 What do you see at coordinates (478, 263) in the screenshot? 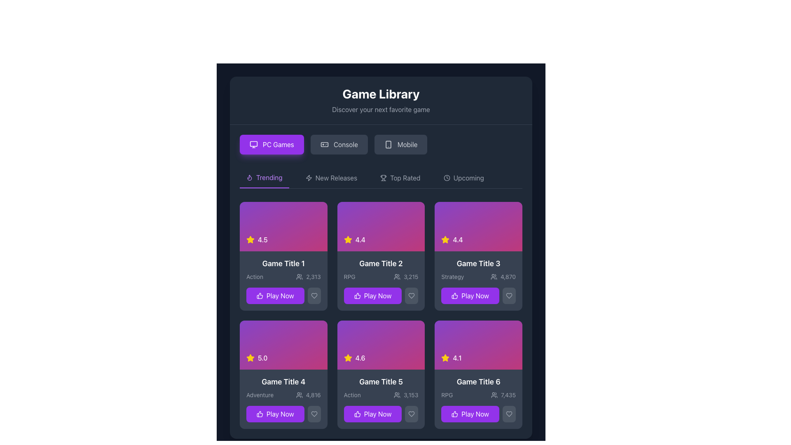
I see `title text label of the game card located in the Trending section, which is the third card in the first row, positioned under the star rating icon` at bounding box center [478, 263].